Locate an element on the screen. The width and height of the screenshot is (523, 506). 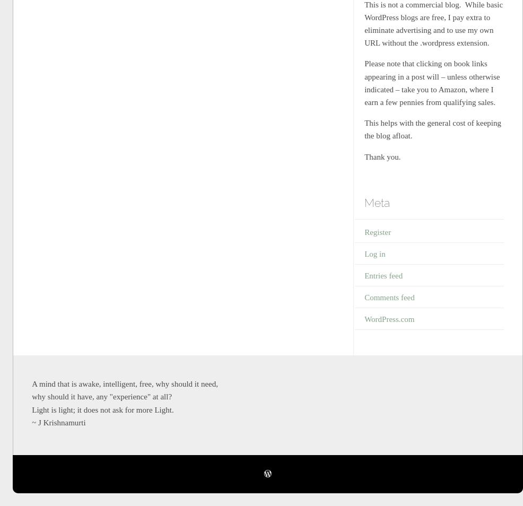
'Comments feed' is located at coordinates (364, 297).